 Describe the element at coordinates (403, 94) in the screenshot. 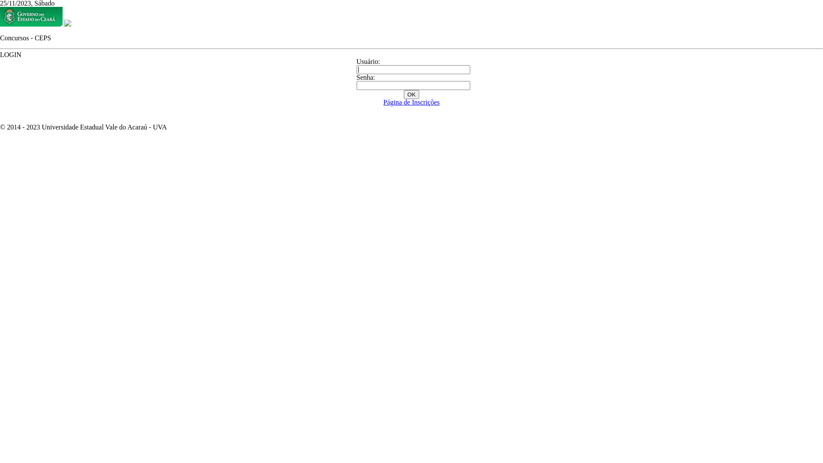

I see `'OK'` at that location.